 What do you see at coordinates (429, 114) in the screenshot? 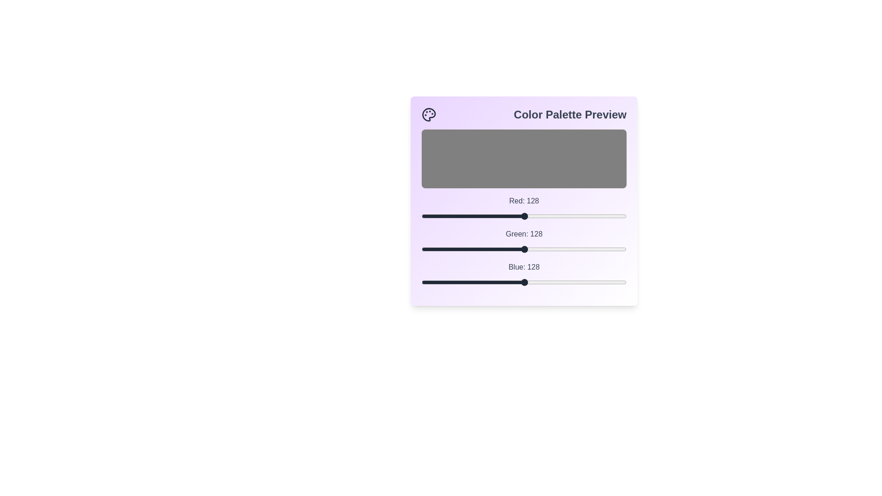
I see `the paint palette icon located in the 'Color Palette Preview' section, characterized by its circular form and dark gray tone` at bounding box center [429, 114].